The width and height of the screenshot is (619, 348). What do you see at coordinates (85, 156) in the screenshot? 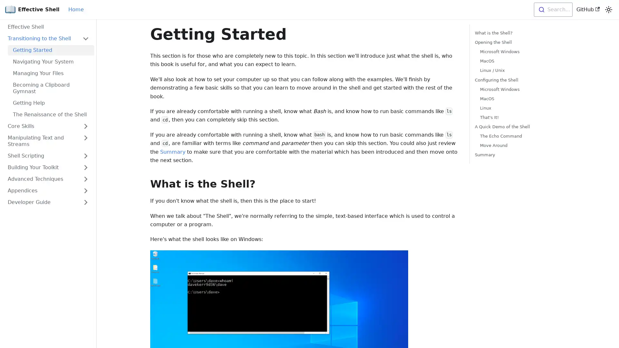
I see `Toggle the collapsible sidebar category 'Shell Scripting'` at bounding box center [85, 156].